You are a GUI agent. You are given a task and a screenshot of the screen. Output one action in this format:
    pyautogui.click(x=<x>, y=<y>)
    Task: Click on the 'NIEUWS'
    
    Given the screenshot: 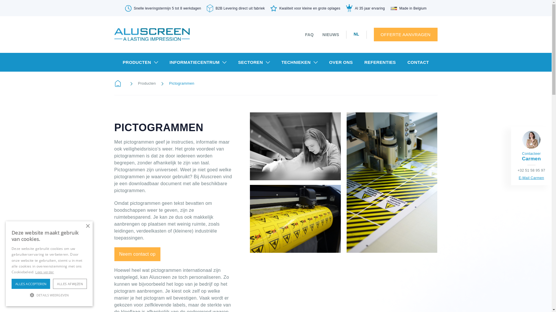 What is the action you would take?
    pyautogui.click(x=331, y=34)
    